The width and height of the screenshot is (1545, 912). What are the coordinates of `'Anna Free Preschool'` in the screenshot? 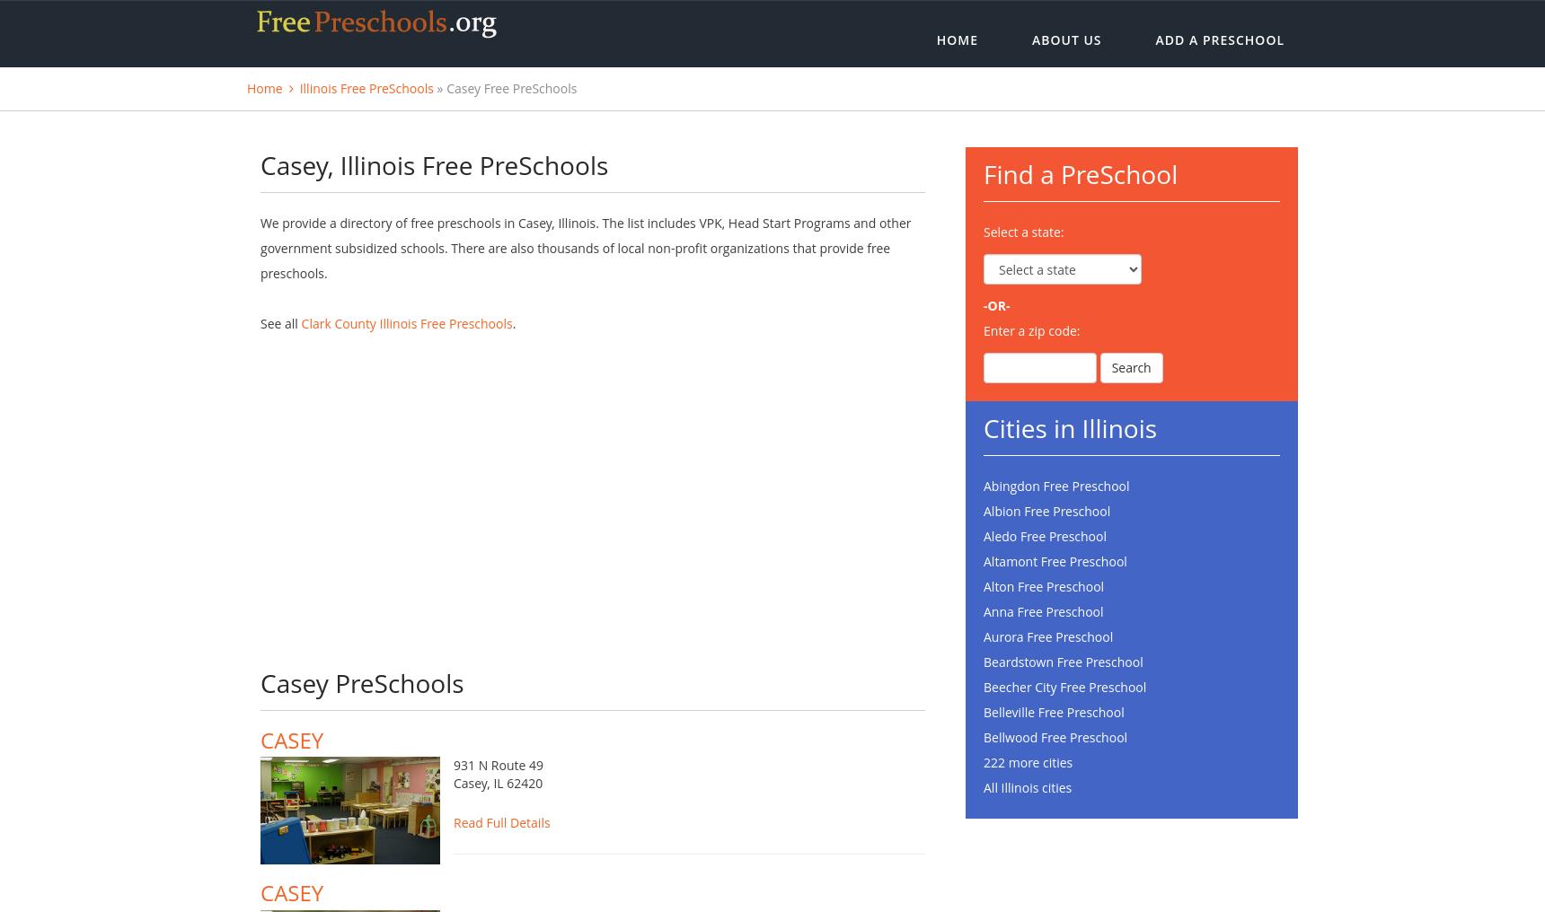 It's located at (983, 631).